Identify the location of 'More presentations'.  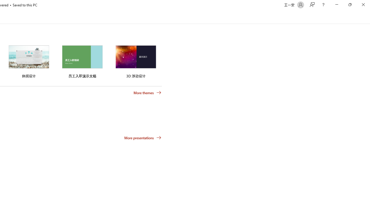
(143, 138).